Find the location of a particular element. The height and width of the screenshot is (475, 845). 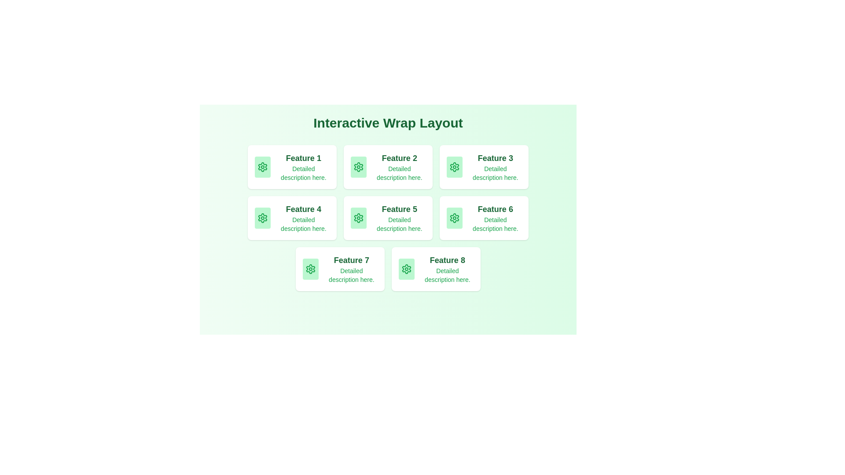

the green gear-shaped settings icon located in the second position of the first row within the grid layout of feature cards to trigger a tooltip or visual feedback is located at coordinates (358, 167).